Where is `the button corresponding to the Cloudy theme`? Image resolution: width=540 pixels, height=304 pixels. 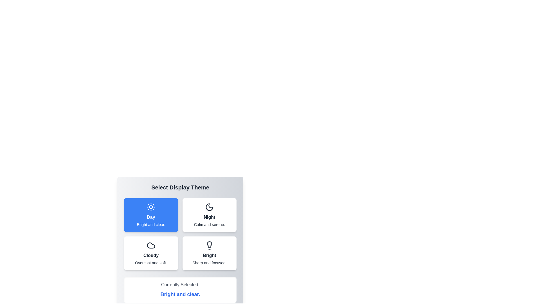
the button corresponding to the Cloudy theme is located at coordinates (151, 253).